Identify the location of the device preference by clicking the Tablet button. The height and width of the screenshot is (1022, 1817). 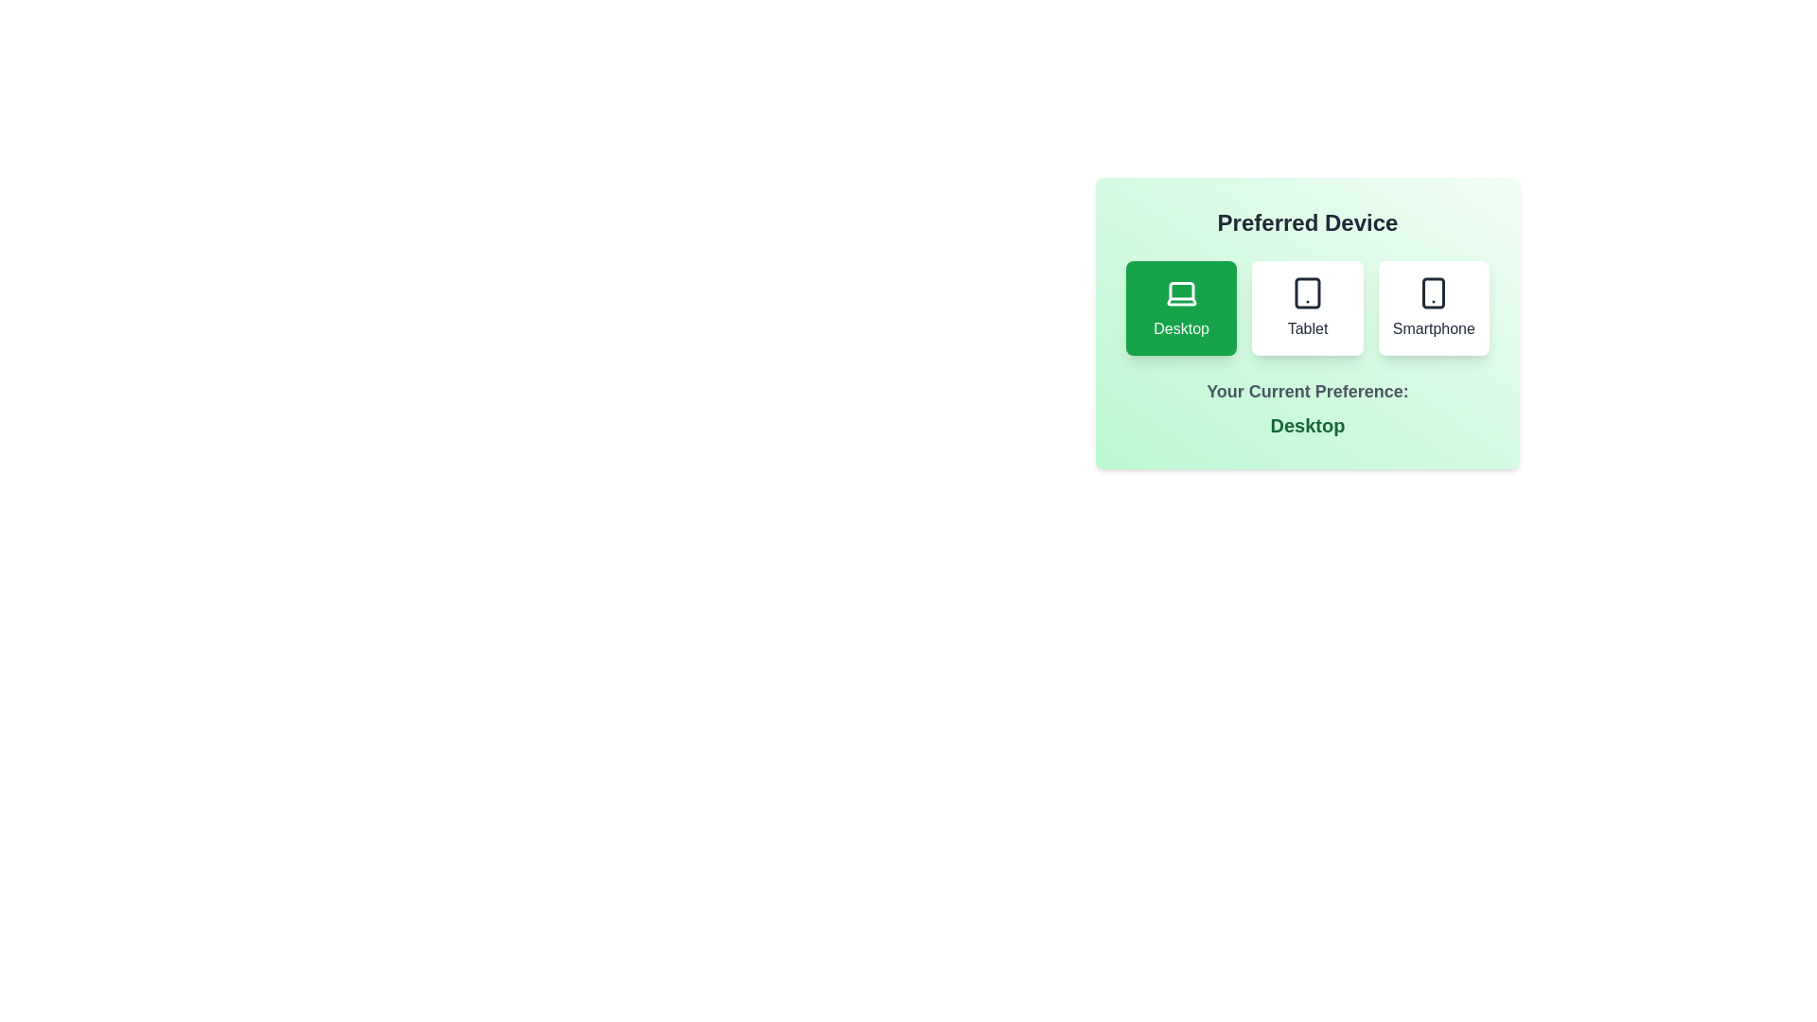
(1307, 308).